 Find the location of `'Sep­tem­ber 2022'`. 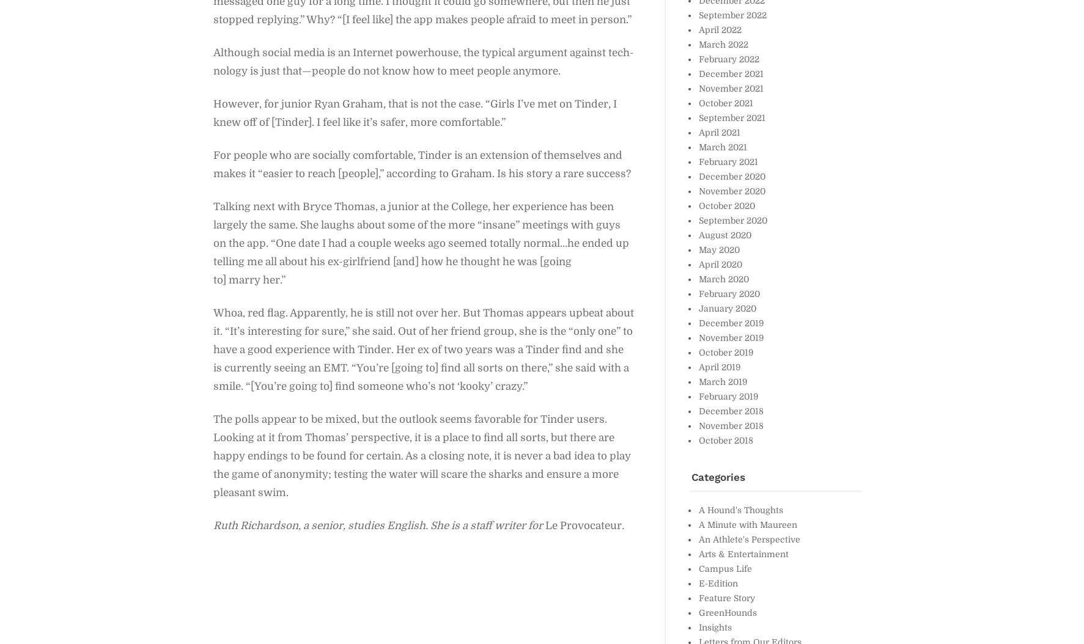

'Sep­tem­ber 2022' is located at coordinates (731, 15).